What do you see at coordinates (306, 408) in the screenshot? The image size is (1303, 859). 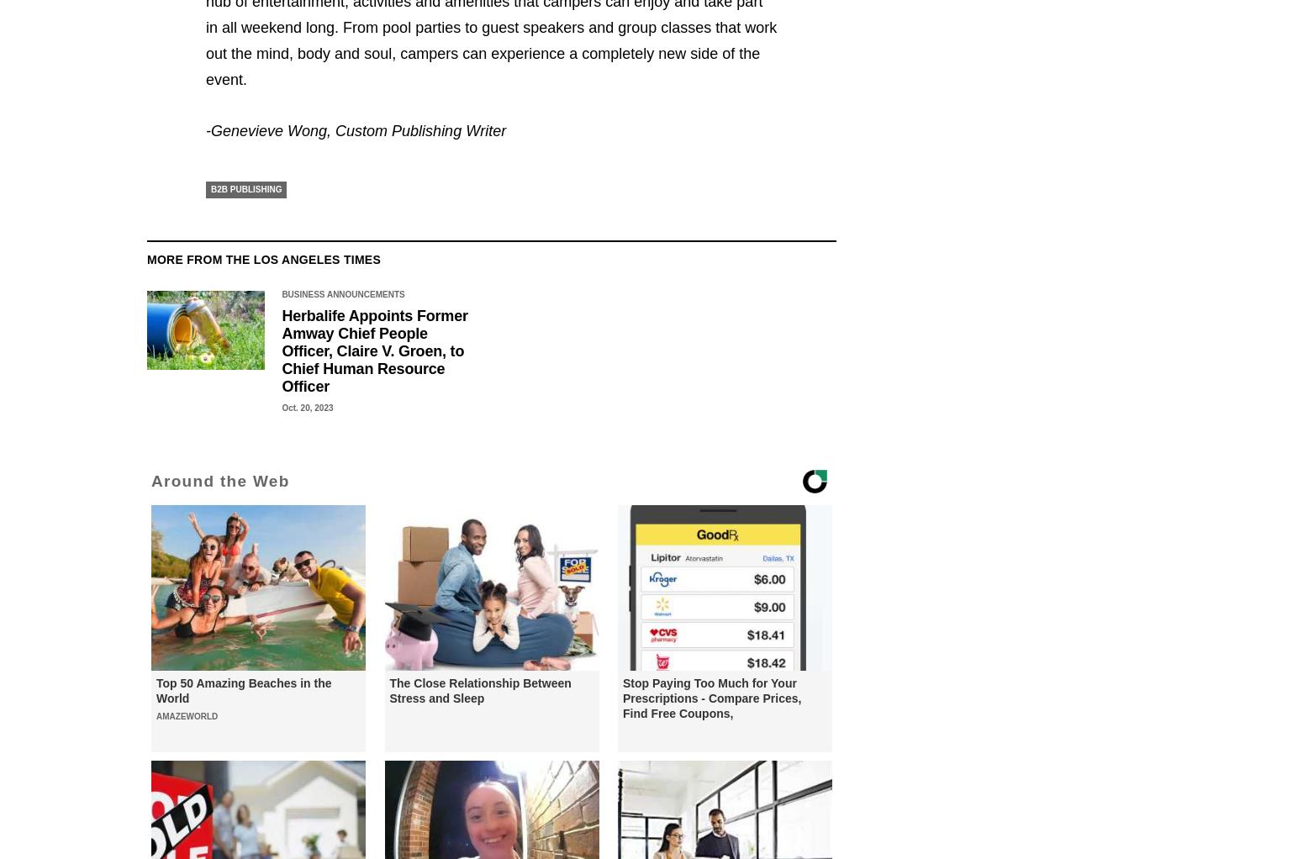 I see `'Oct. 20, 2023'` at bounding box center [306, 408].